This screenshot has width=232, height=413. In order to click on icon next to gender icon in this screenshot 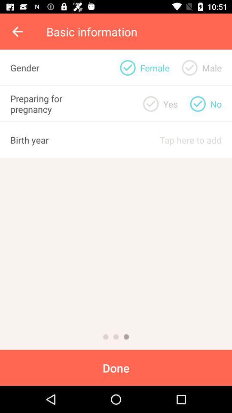, I will do `click(127, 67)`.